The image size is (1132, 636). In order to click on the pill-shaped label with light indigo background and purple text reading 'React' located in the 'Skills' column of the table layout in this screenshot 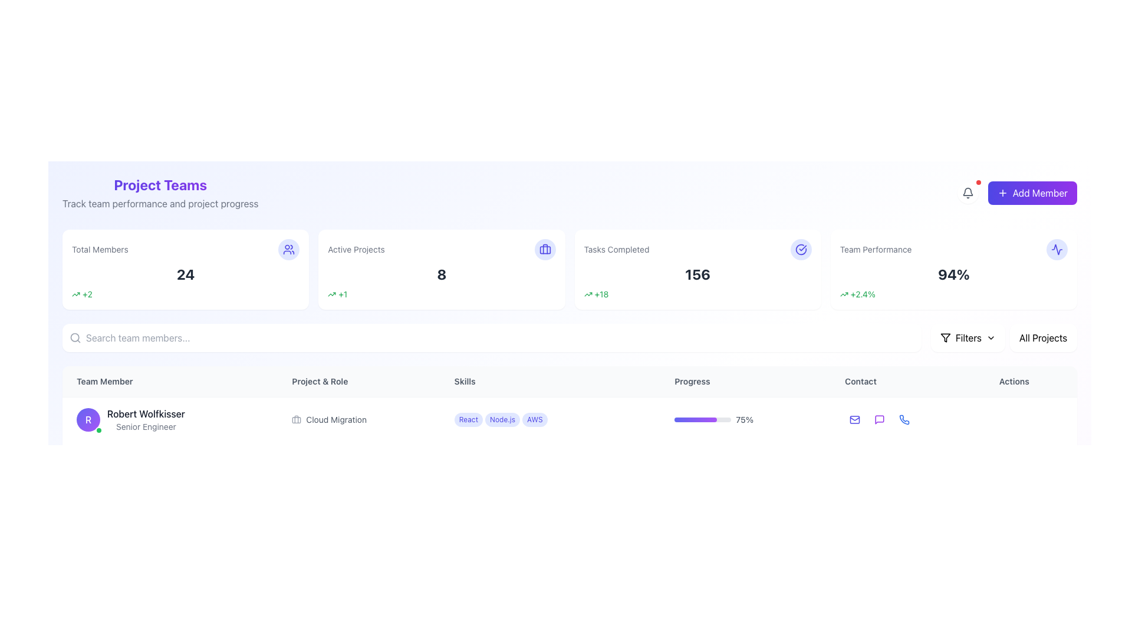, I will do `click(468, 419)`.